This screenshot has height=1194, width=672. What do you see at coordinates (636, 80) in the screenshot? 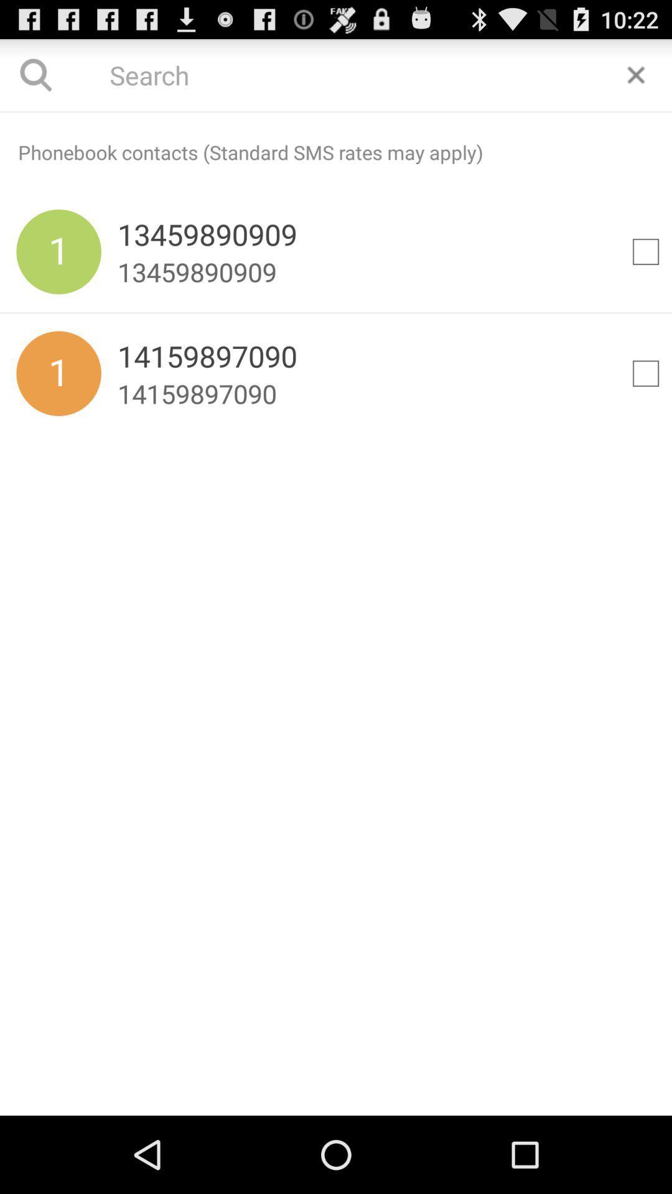
I see `the close icon` at bounding box center [636, 80].